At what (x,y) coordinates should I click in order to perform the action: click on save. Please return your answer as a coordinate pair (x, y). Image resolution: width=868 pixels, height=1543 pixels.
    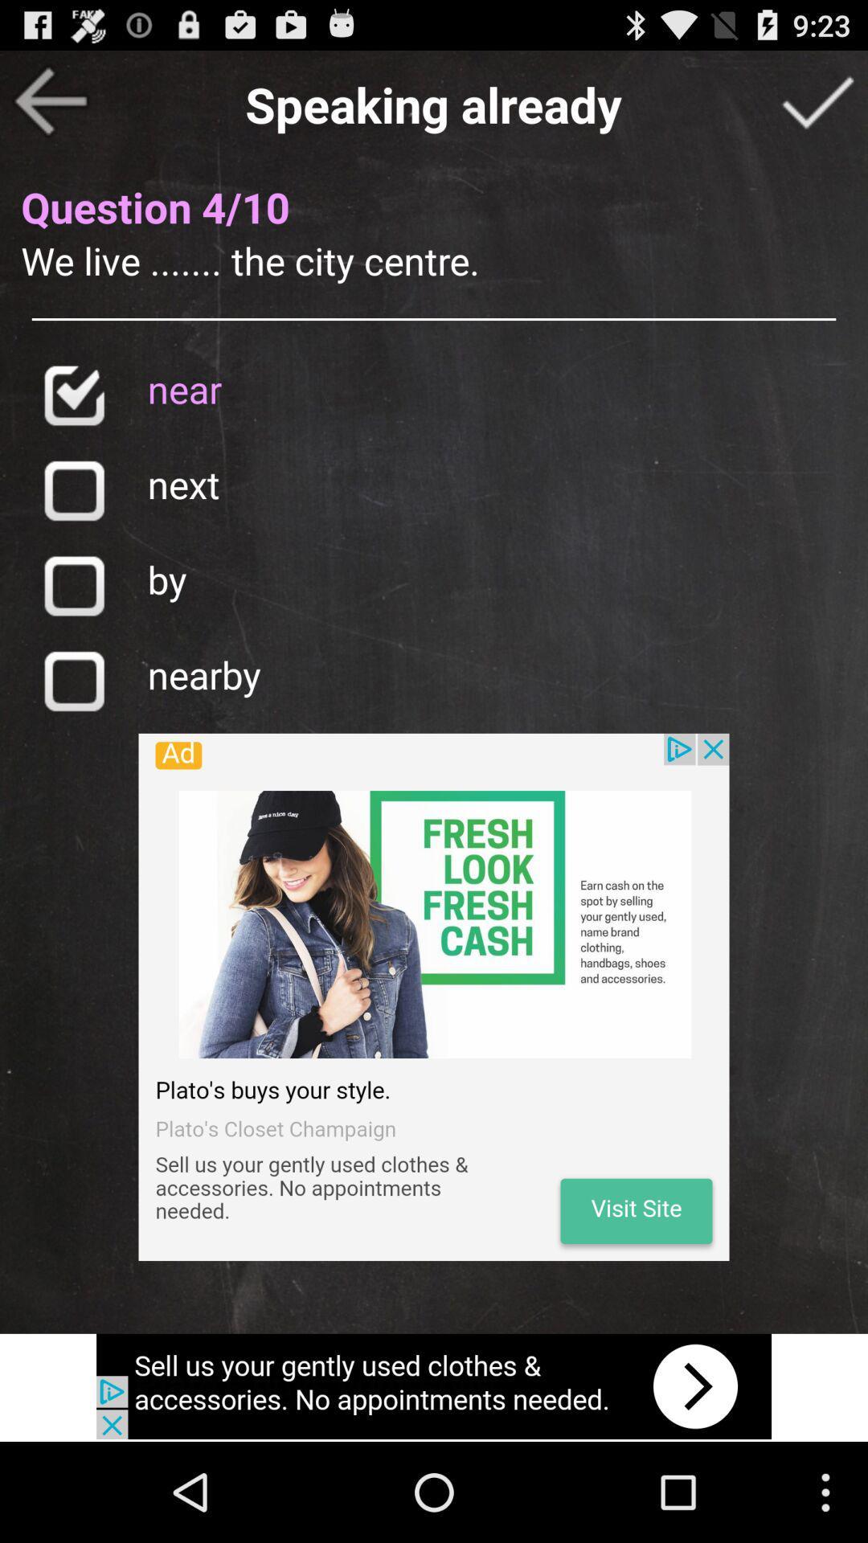
    Looking at the image, I should click on (73, 681).